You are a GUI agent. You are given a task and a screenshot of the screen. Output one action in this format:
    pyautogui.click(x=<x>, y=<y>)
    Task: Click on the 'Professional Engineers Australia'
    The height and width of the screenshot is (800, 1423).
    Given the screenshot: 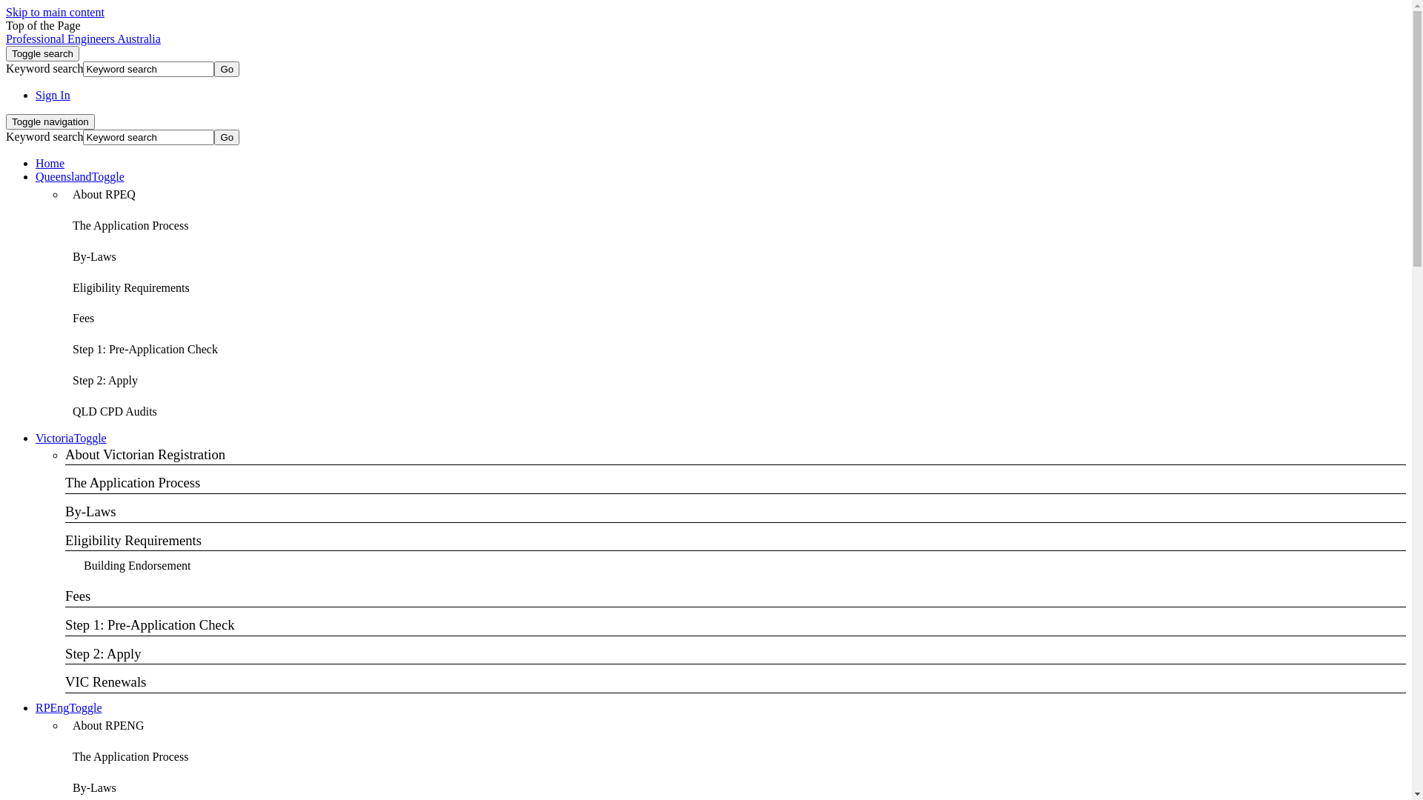 What is the action you would take?
    pyautogui.click(x=6, y=38)
    